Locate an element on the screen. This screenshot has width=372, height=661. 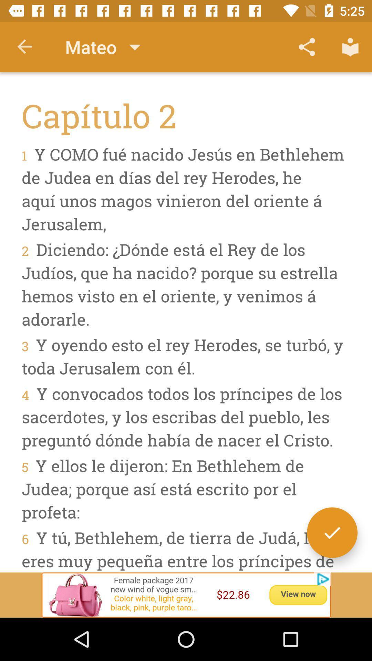
the check icon is located at coordinates (332, 532).